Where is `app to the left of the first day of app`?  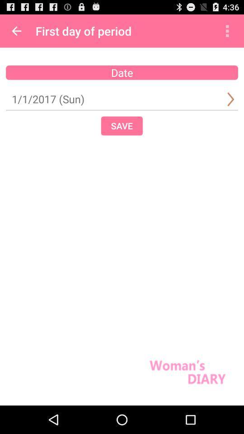 app to the left of the first day of app is located at coordinates (16, 31).